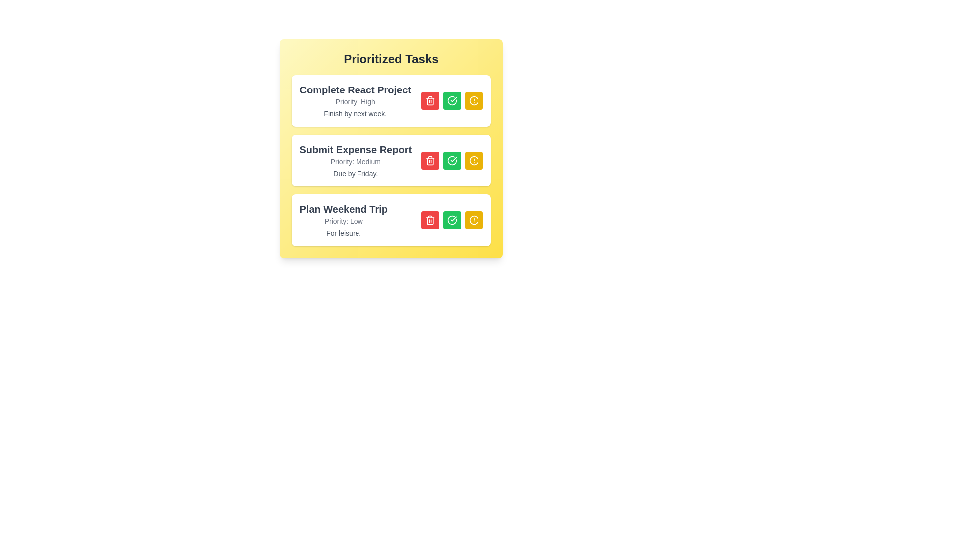  What do you see at coordinates (430, 160) in the screenshot?
I see `delete button next to the task titled 'Submit Expense Report'` at bounding box center [430, 160].